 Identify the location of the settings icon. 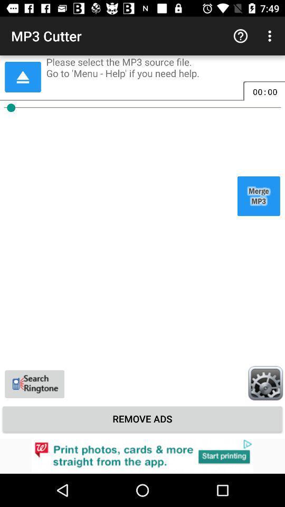
(265, 382).